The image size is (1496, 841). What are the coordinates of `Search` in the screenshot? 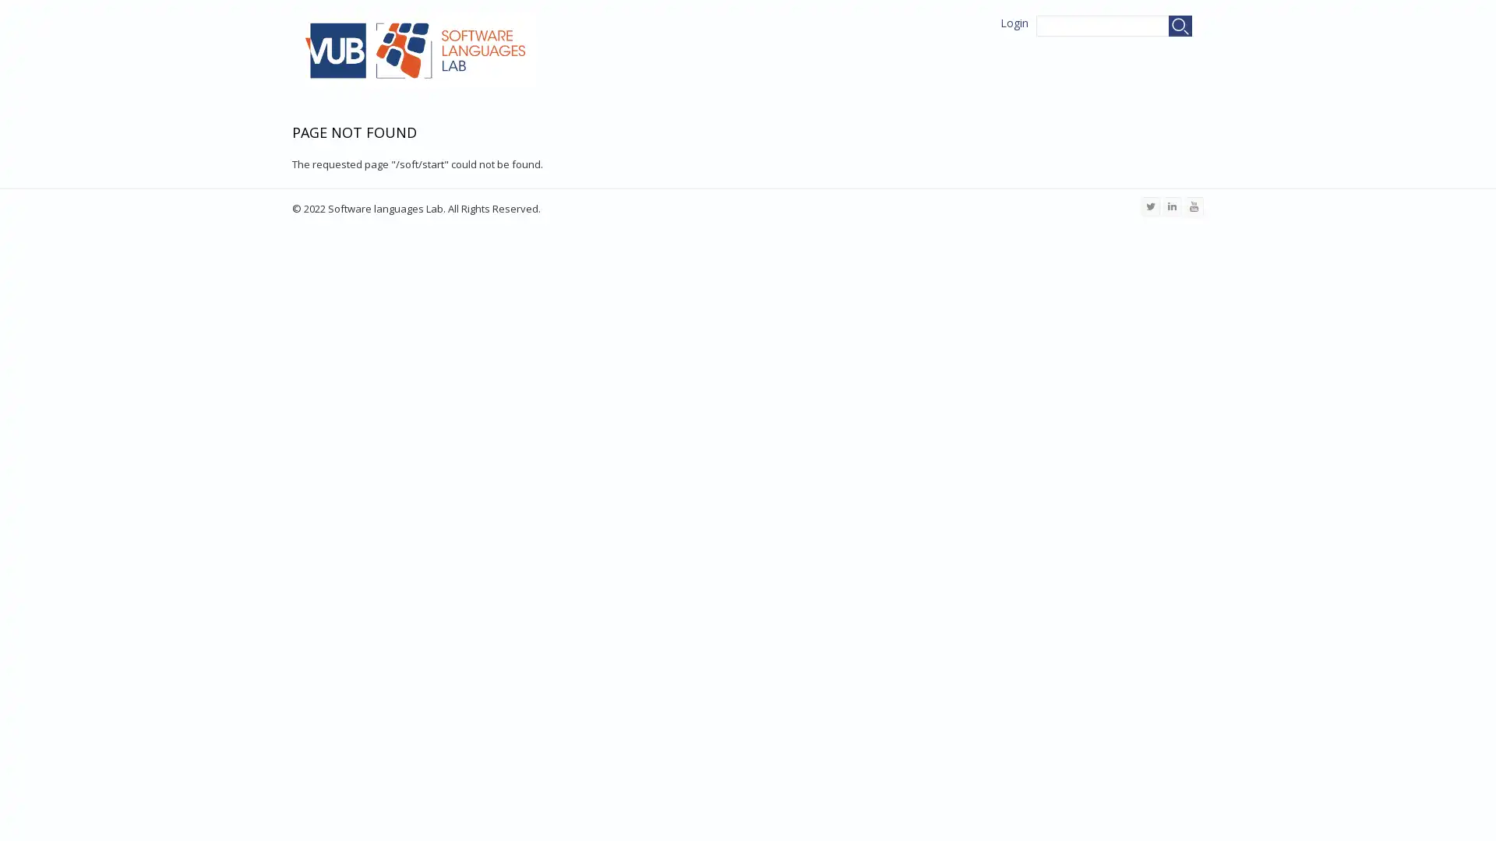 It's located at (1180, 26).